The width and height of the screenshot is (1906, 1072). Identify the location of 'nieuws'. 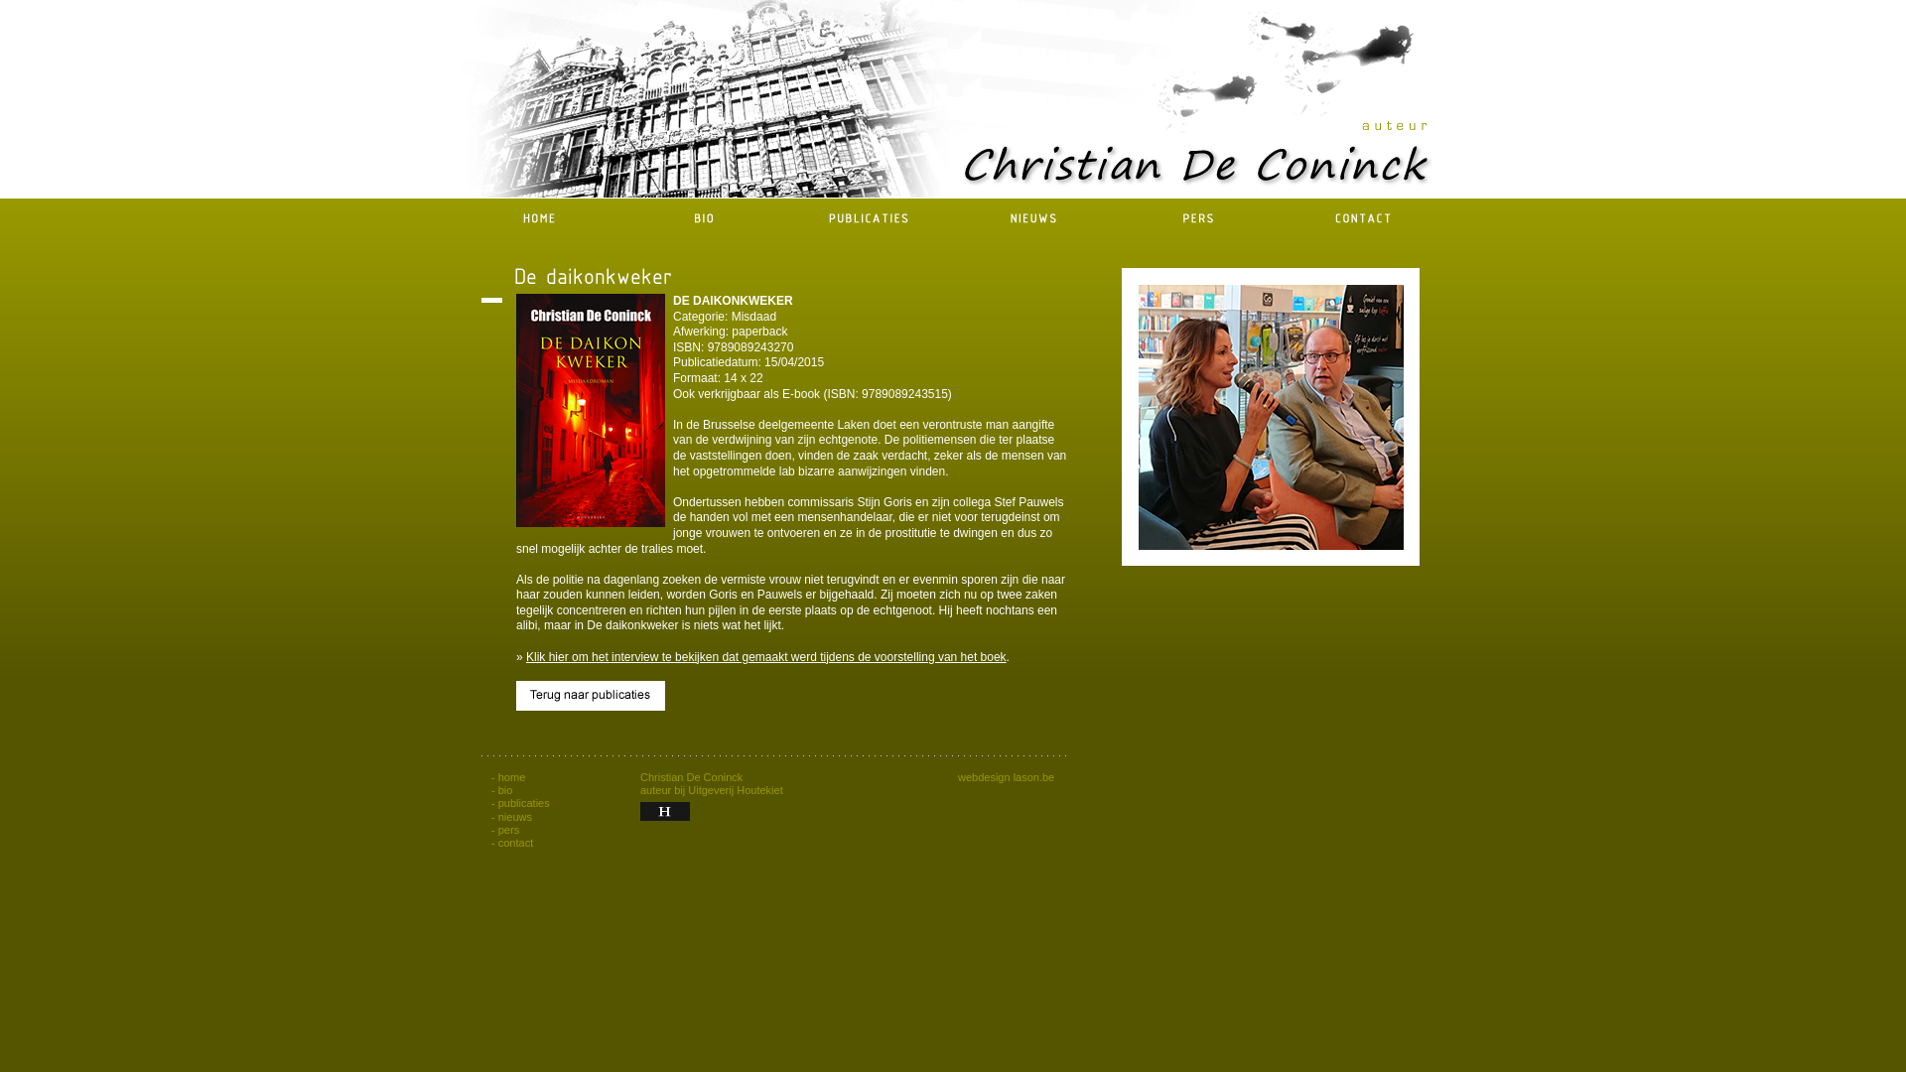
(498, 816).